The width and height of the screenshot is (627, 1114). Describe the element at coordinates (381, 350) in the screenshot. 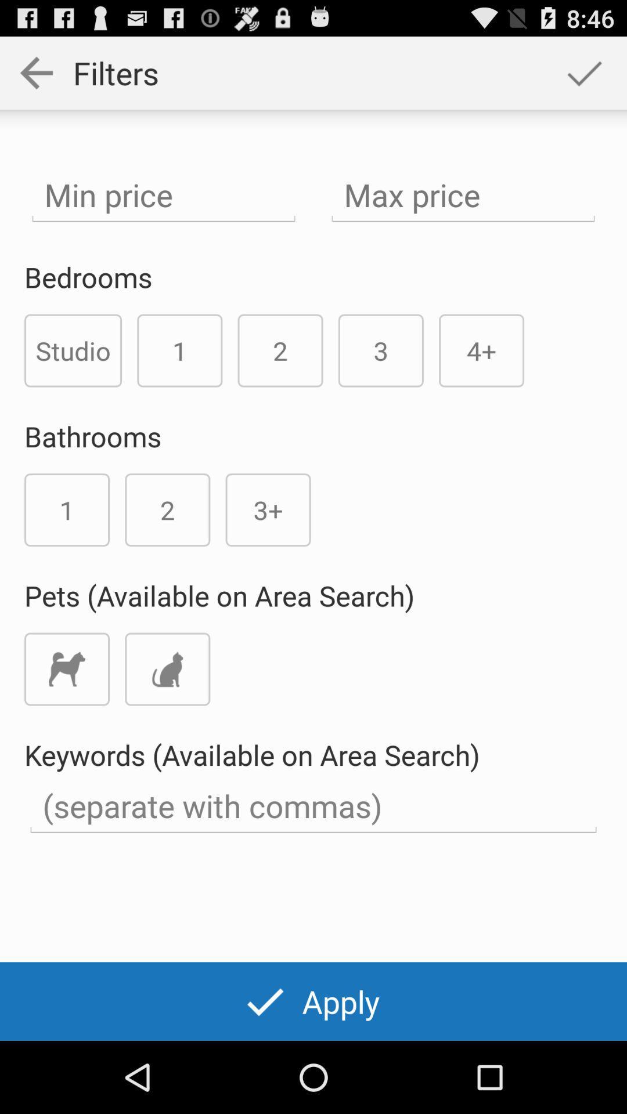

I see `the button 3 in bedrooms` at that location.